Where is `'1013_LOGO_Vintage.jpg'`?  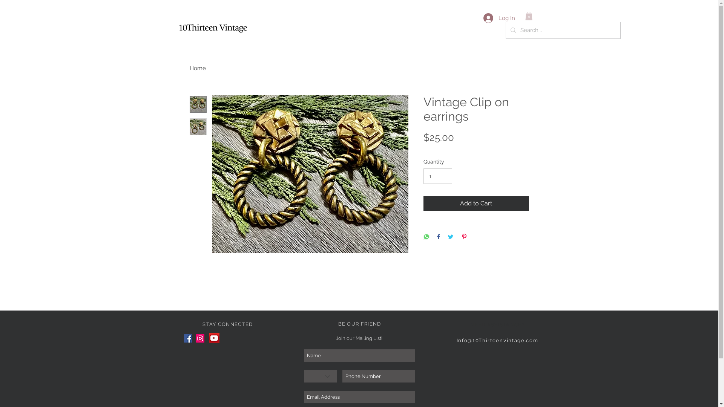
'1013_LOGO_Vintage.jpg' is located at coordinates (213, 27).